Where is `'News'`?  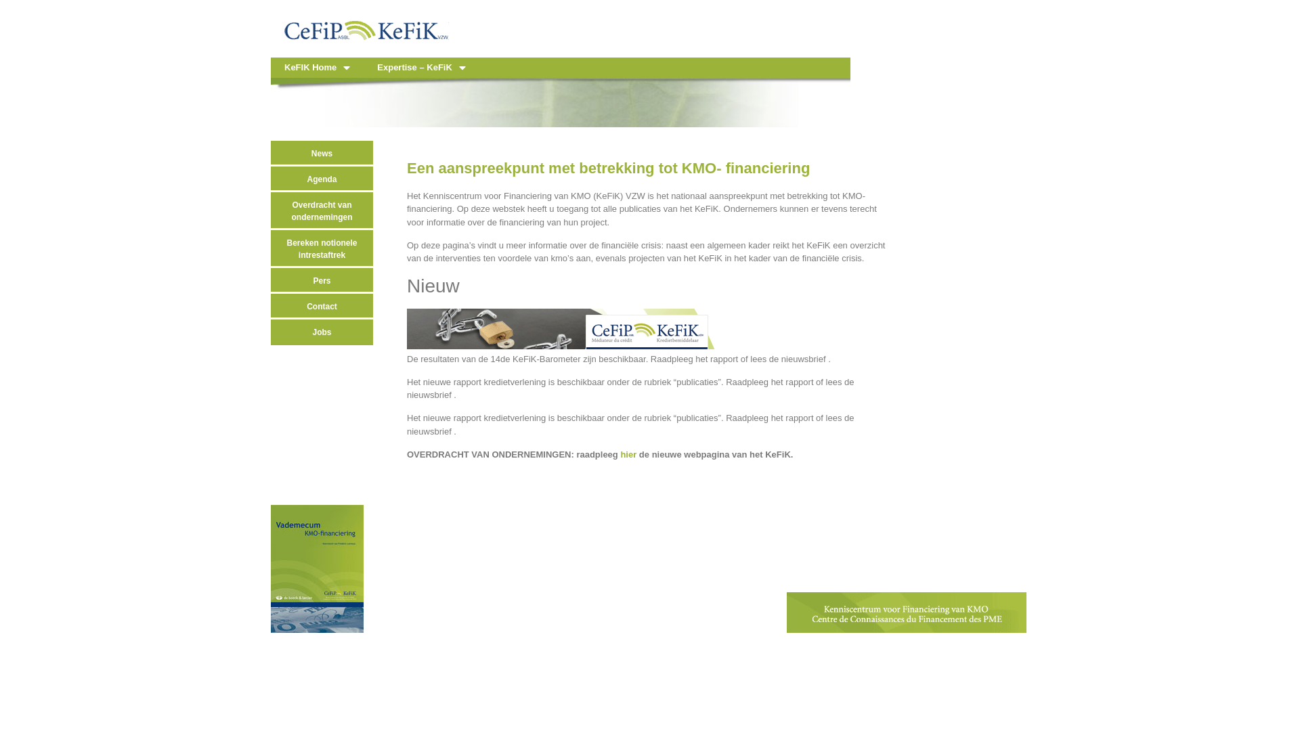 'News' is located at coordinates (321, 153).